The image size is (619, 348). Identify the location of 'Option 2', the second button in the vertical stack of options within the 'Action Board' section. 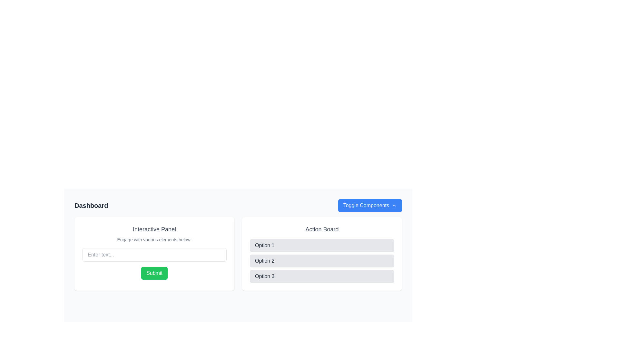
(322, 261).